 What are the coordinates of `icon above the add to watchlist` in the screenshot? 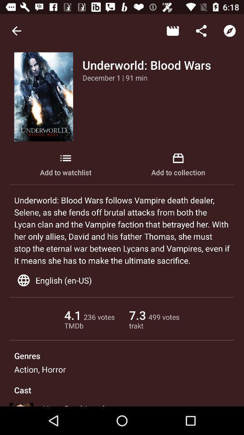 It's located at (115, 77).